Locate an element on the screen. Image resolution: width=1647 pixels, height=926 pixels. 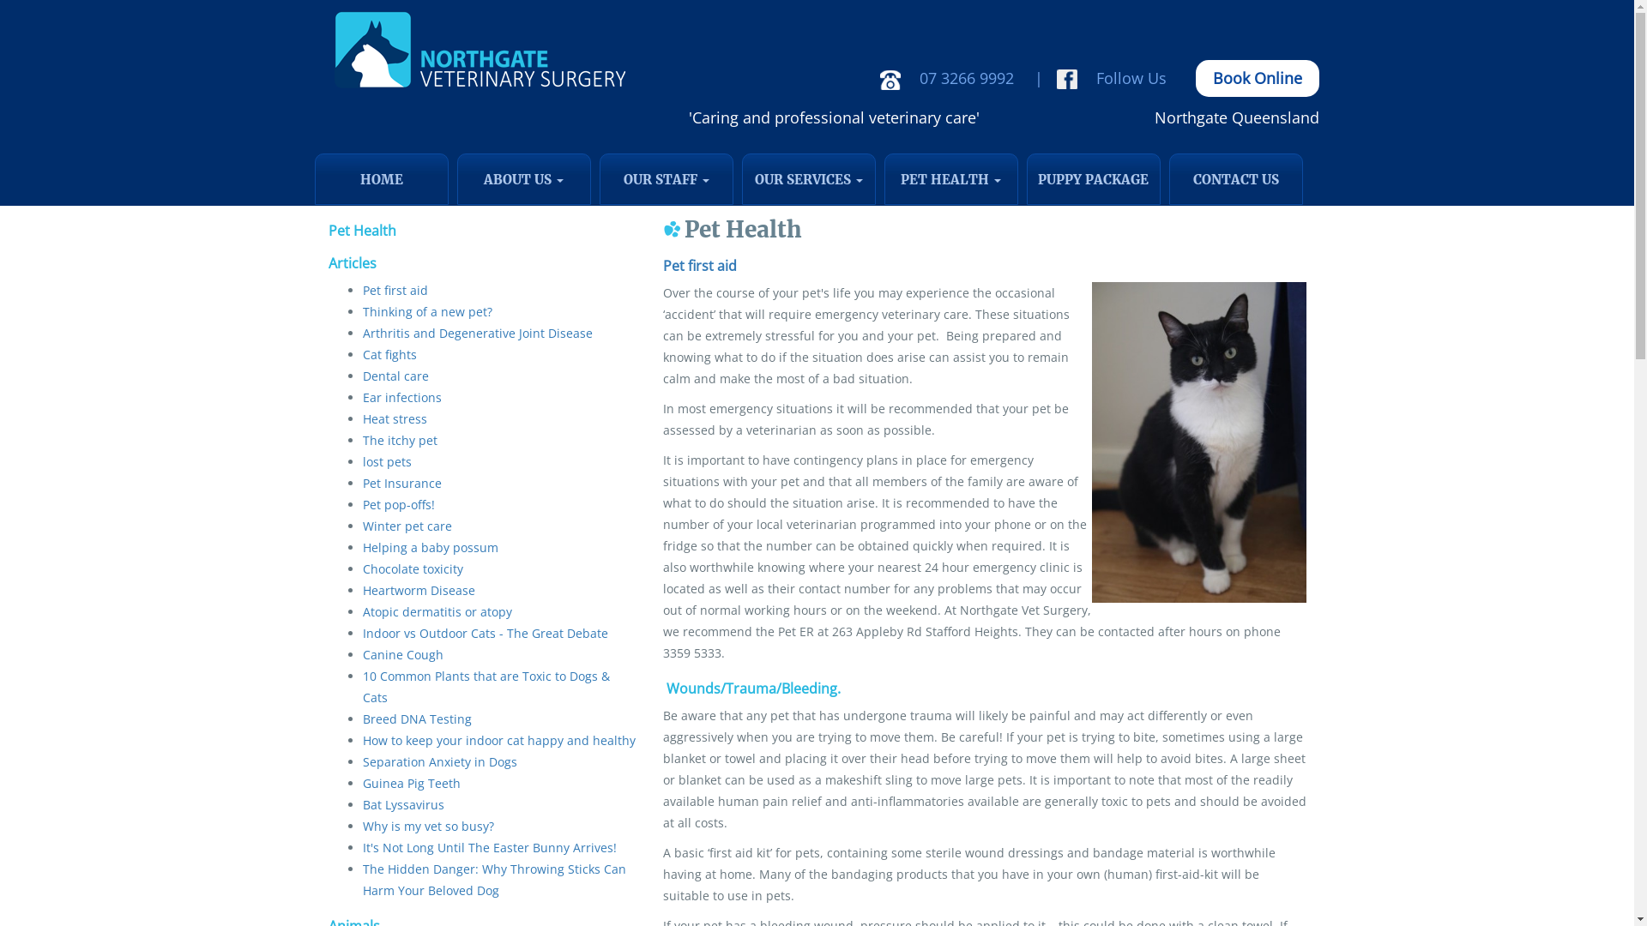
'Call Northgate Vet Surgery' is located at coordinates (890, 80).